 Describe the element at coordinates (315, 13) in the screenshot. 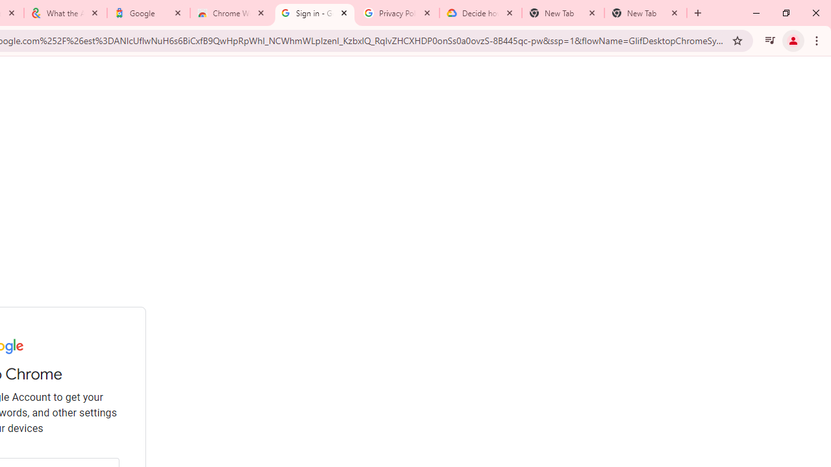

I see `'Sign in - Google Accounts'` at that location.